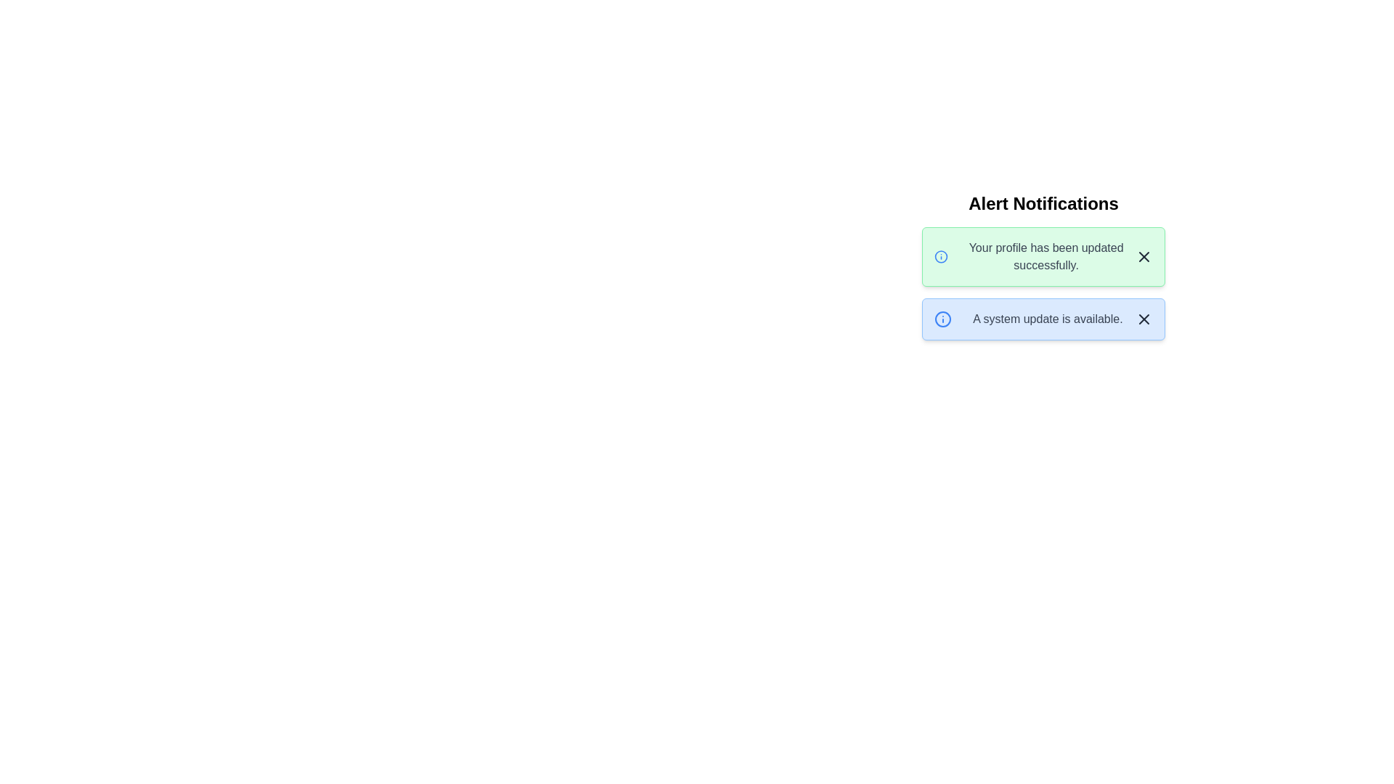  I want to click on the Notification alert that informs the user their profile has been updated successfully, so click(1043, 256).